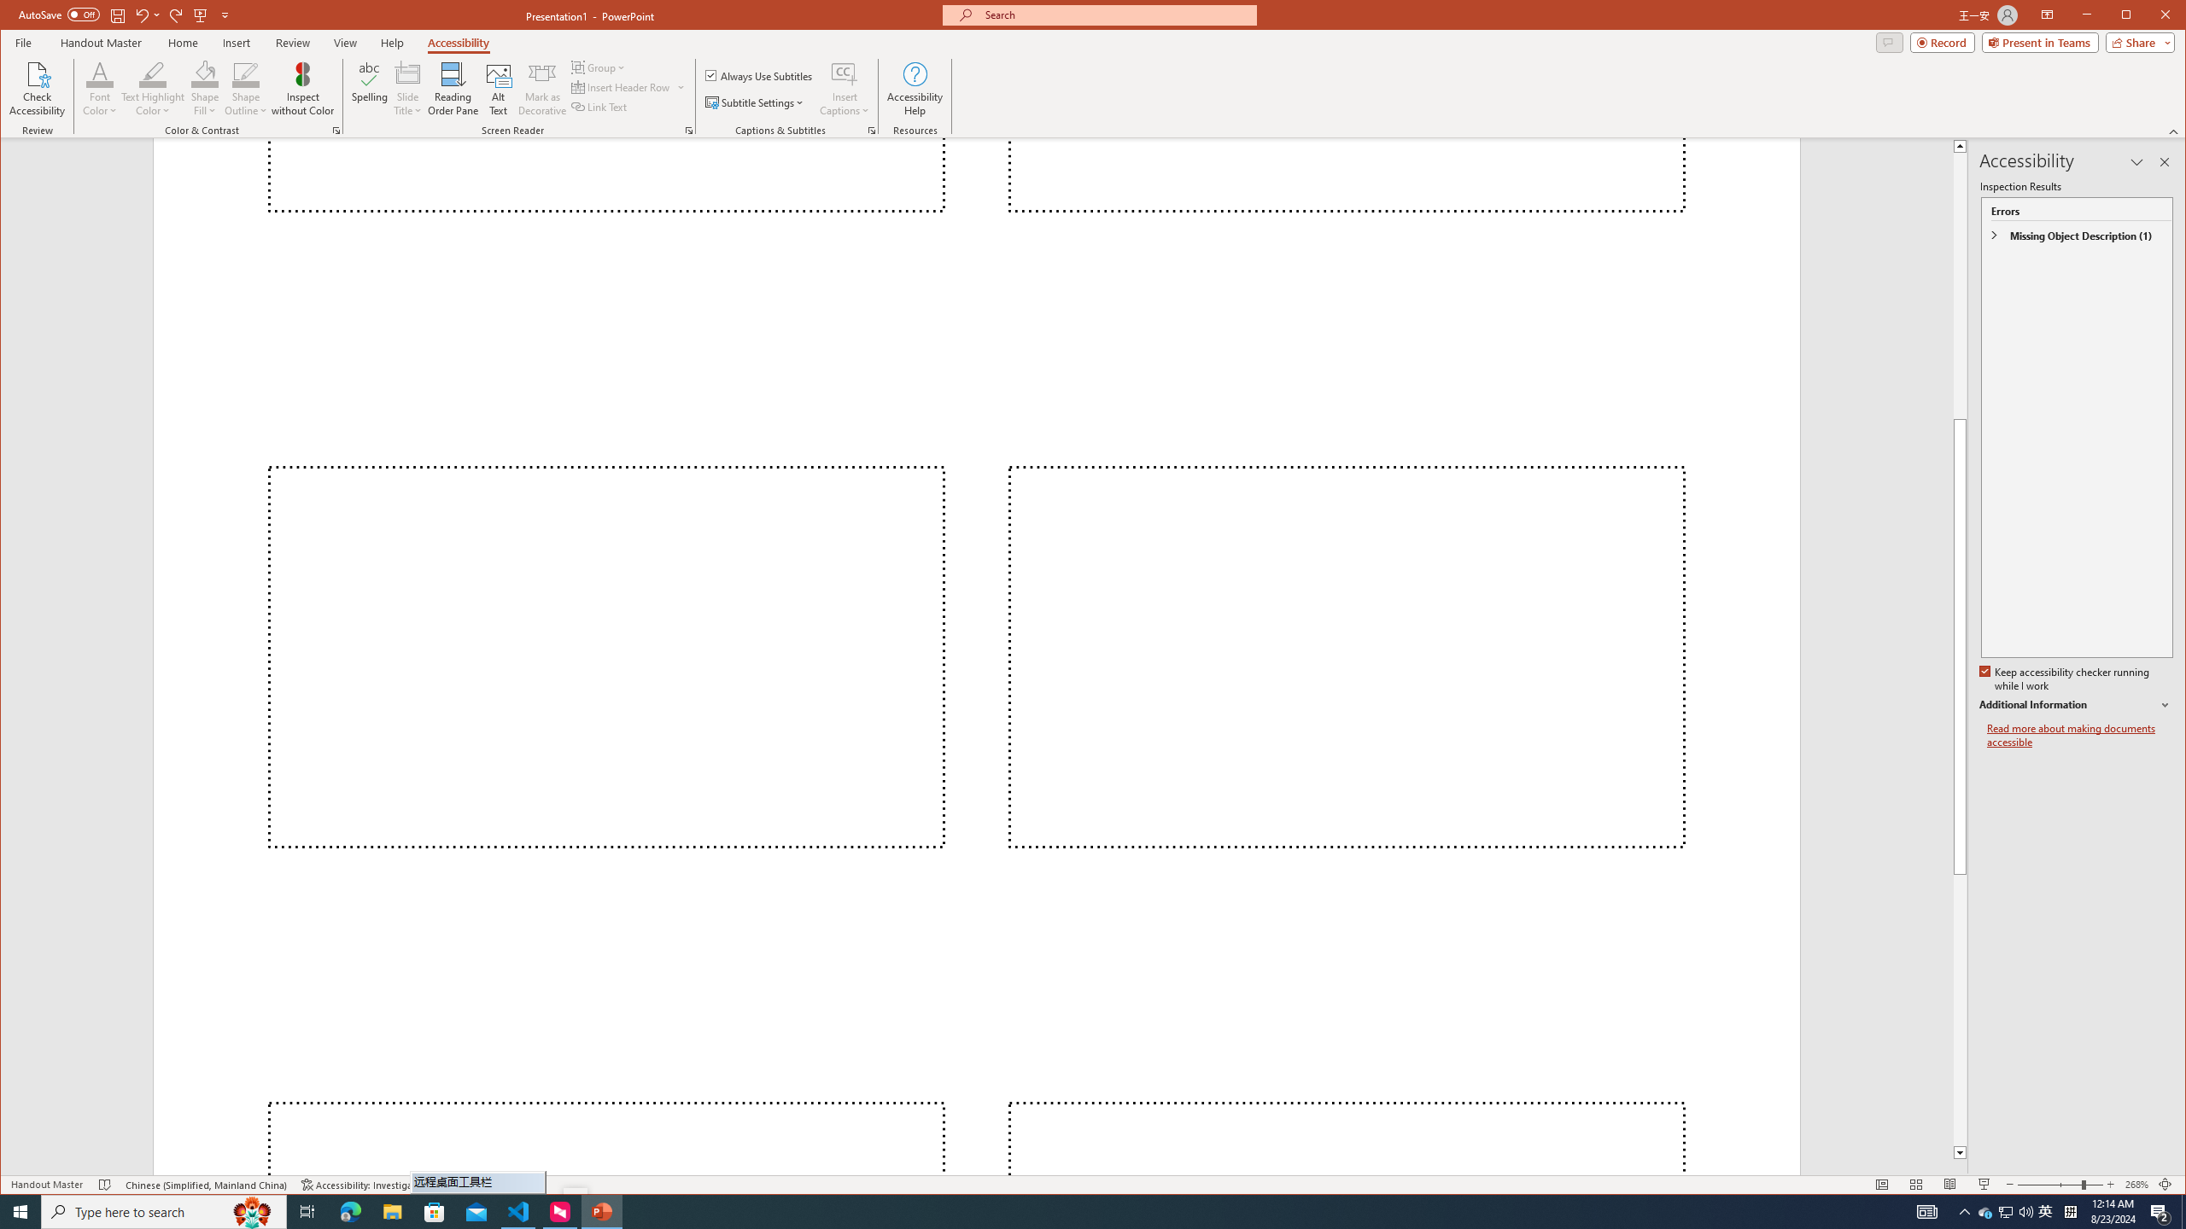 The width and height of the screenshot is (2186, 1229). I want to click on 'Spelling...', so click(369, 88).